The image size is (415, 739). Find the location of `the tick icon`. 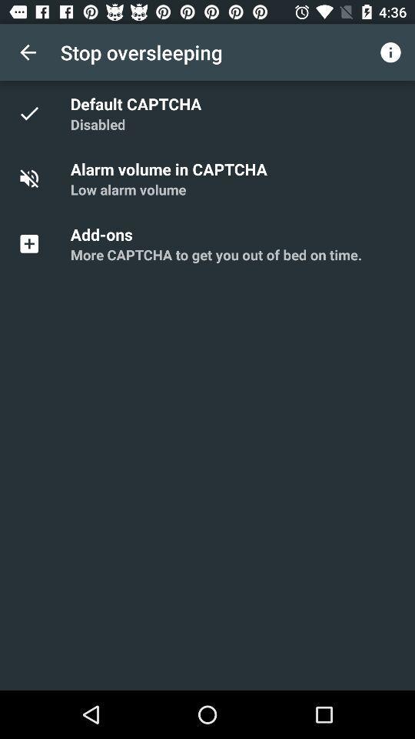

the tick icon is located at coordinates (38, 112).